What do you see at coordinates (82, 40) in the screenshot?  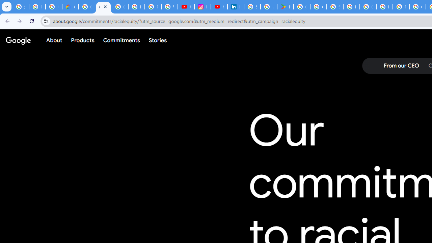 I see `'Products'` at bounding box center [82, 40].